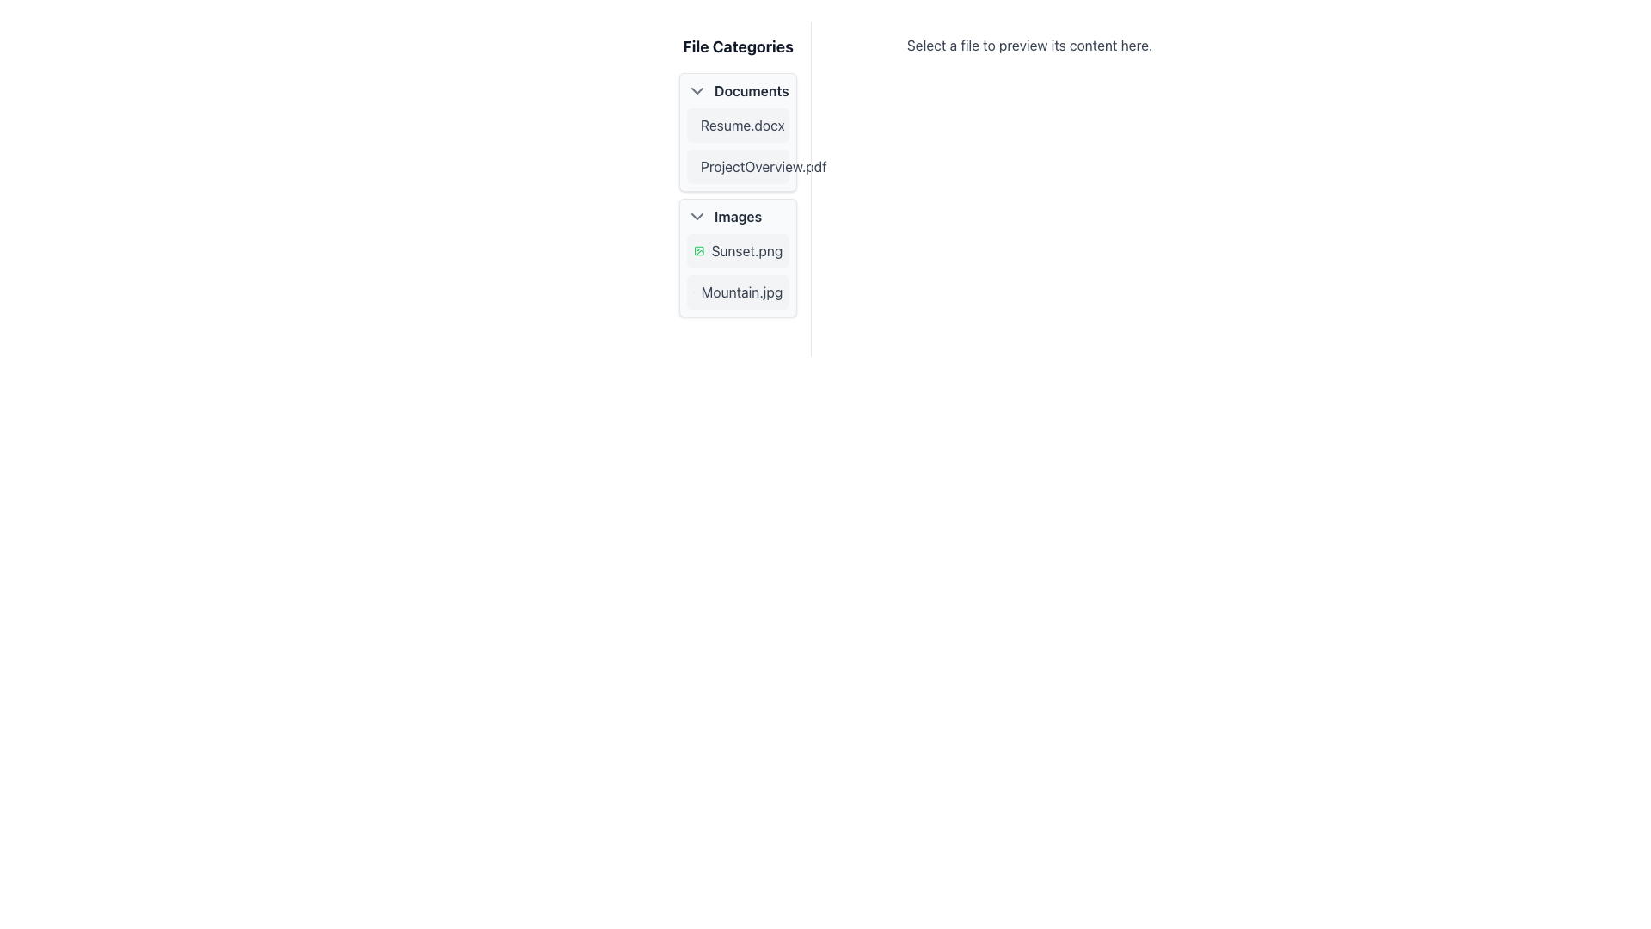  I want to click on the downward-pointing chevron icon next to the label 'Images' in the collapsible menu of file categories, so click(697, 215).